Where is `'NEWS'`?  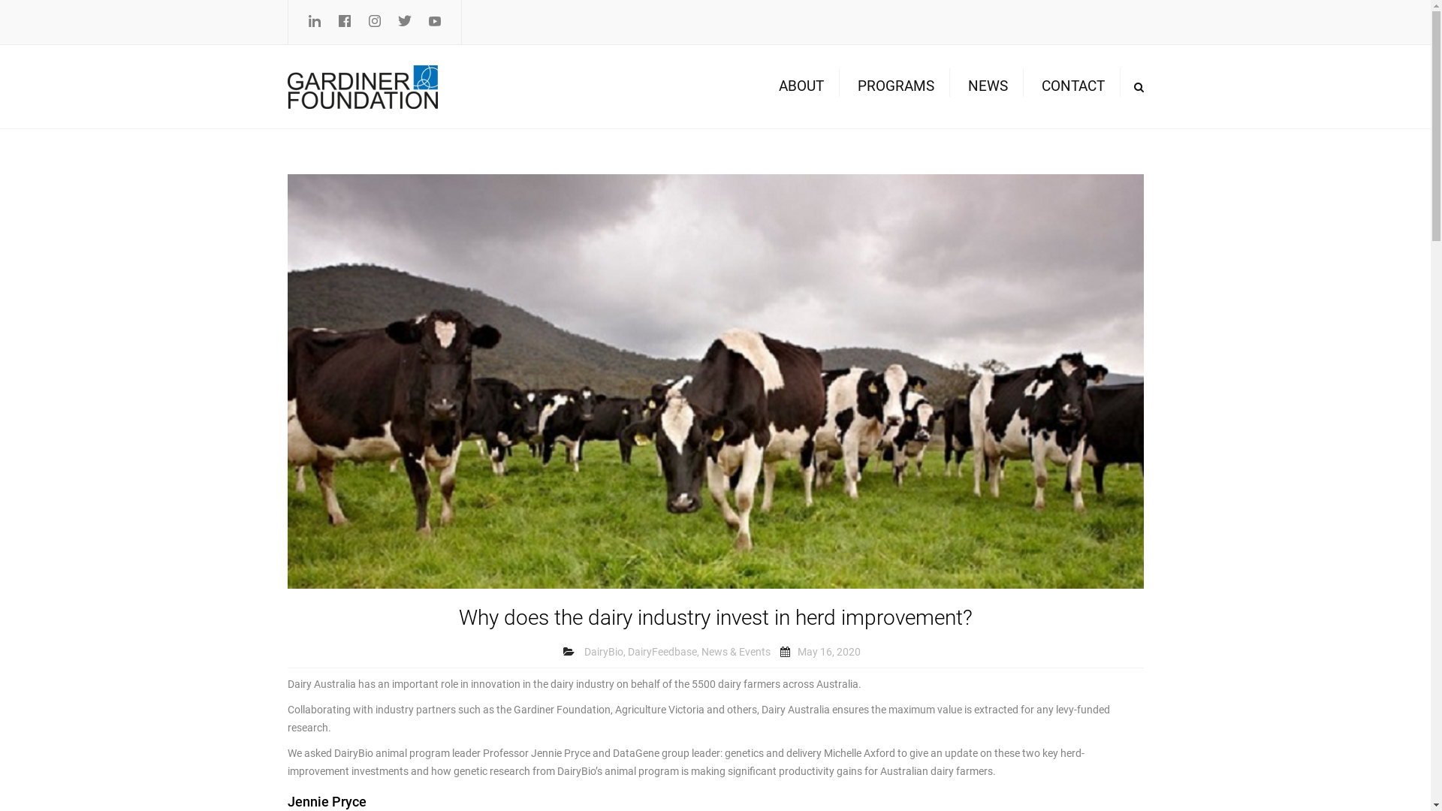
'NEWS' is located at coordinates (987, 86).